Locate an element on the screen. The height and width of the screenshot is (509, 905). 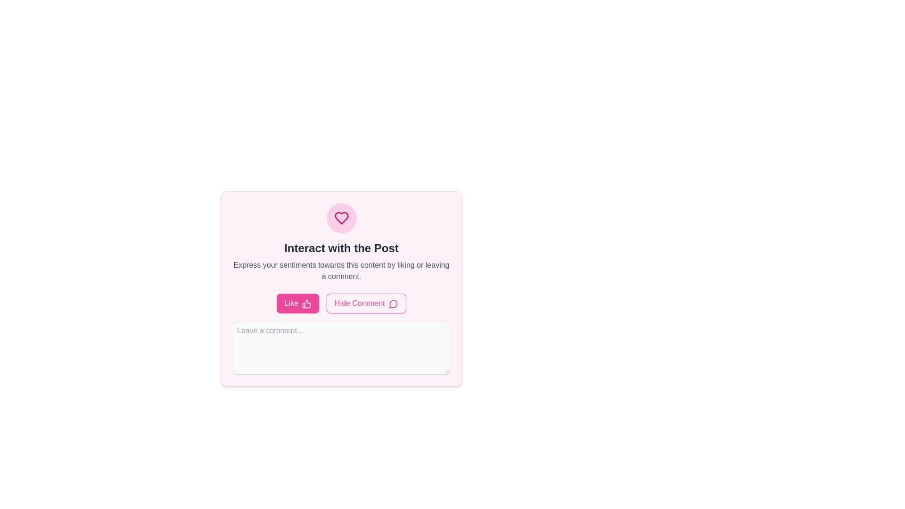
the distinctive circular button with a pink background and heart icon, positioned above the text 'Interact with the Post.' is located at coordinates (341, 218).